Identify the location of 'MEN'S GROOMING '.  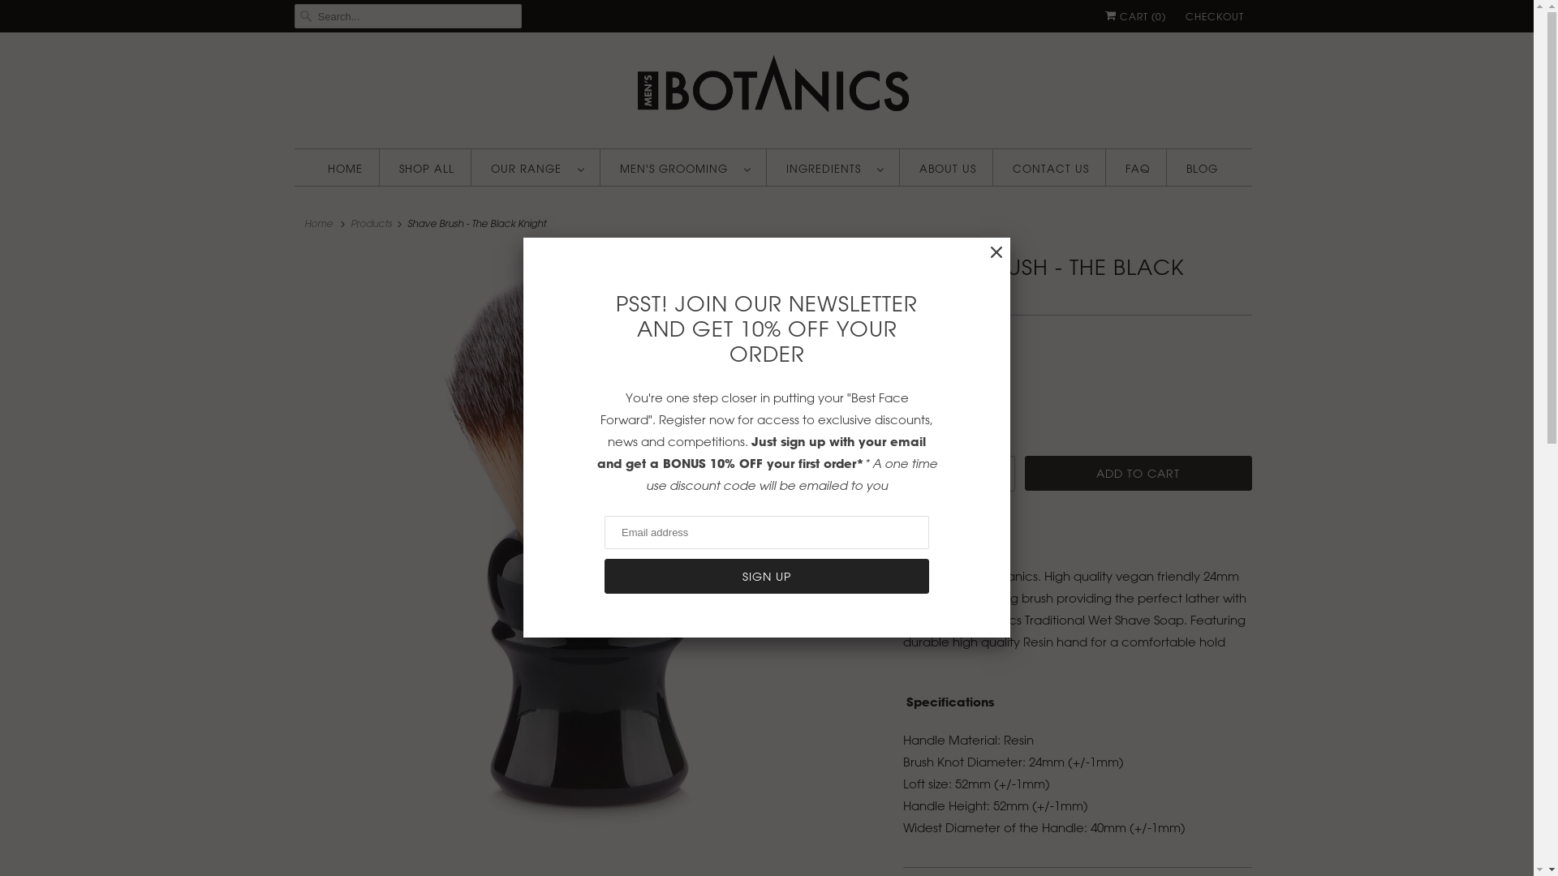
(618, 168).